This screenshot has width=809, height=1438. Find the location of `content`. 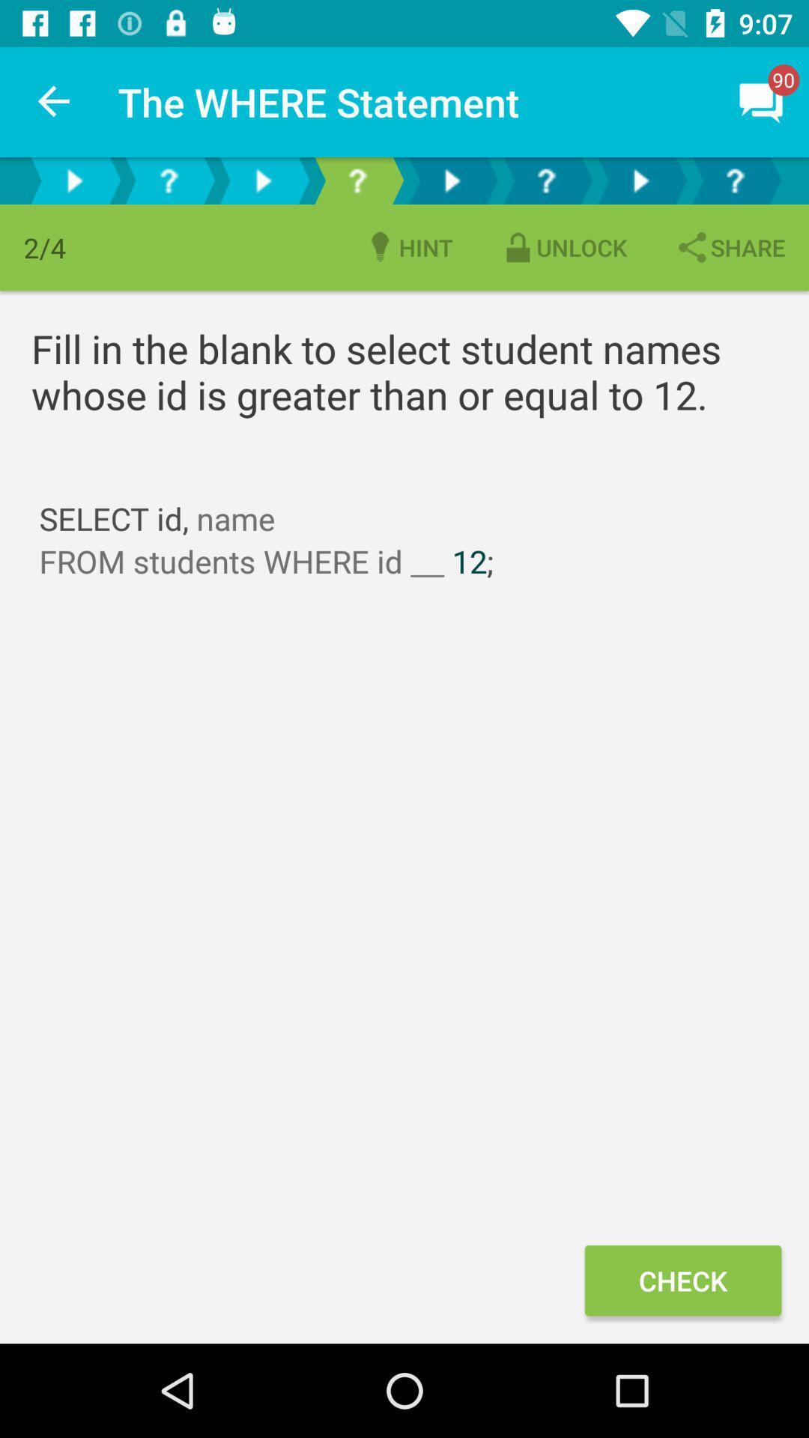

content is located at coordinates (450, 180).